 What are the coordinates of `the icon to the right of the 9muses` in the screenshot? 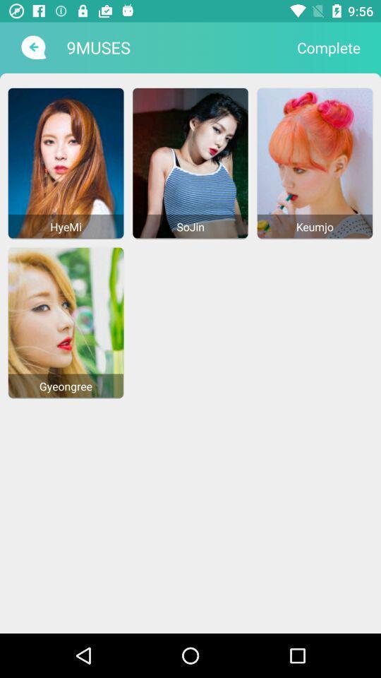 It's located at (329, 47).